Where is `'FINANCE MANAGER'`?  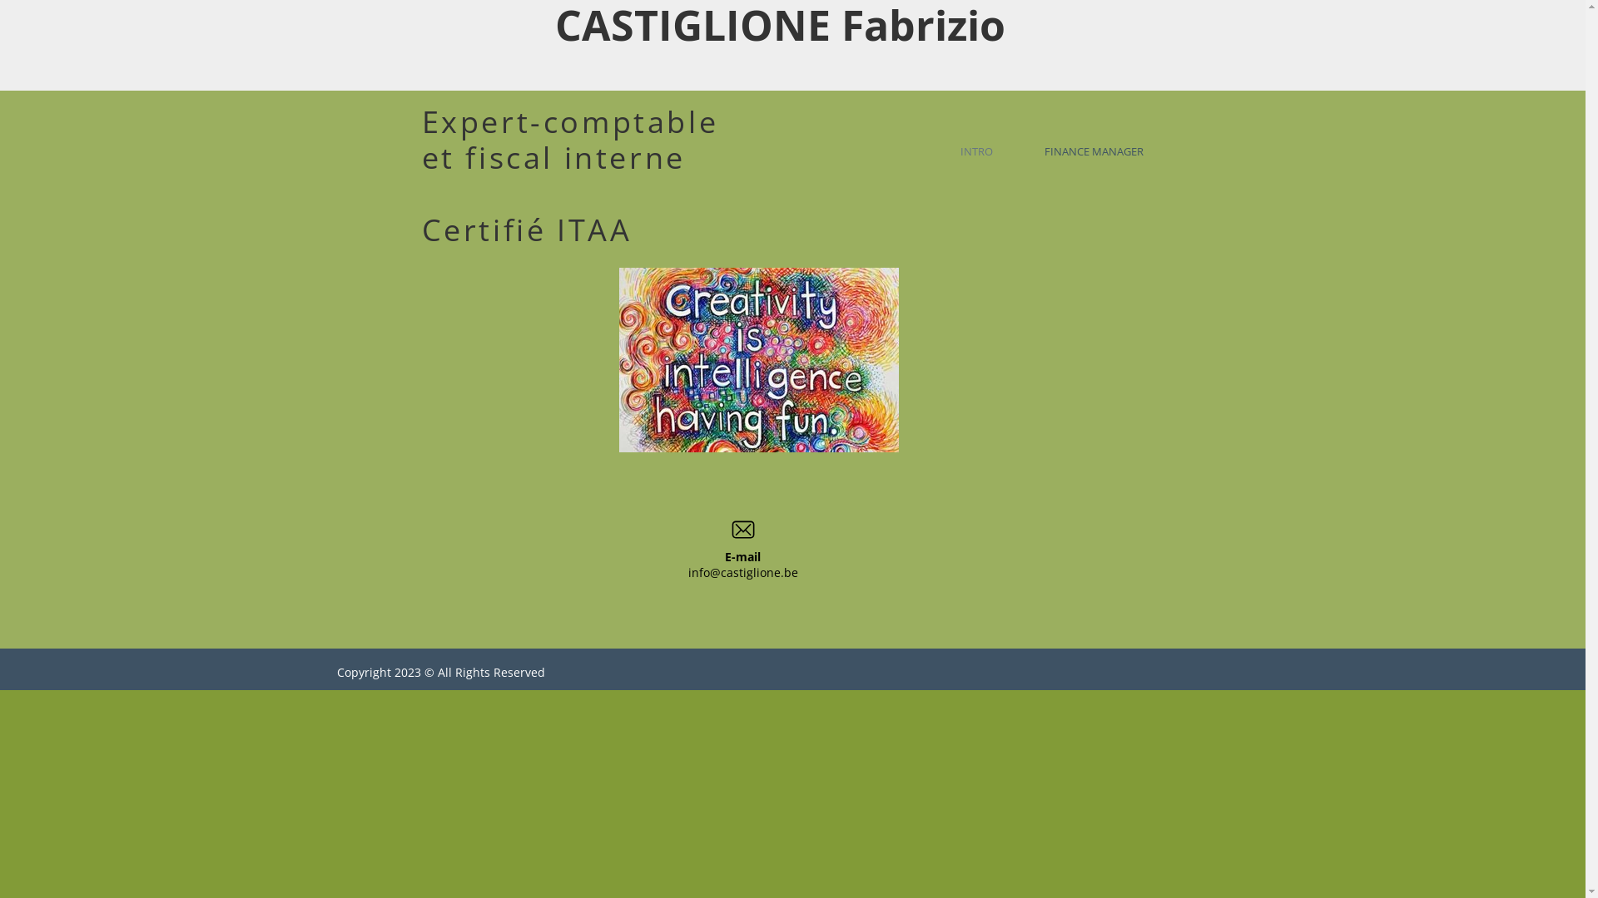 'FINANCE MANAGER' is located at coordinates (1103, 150).